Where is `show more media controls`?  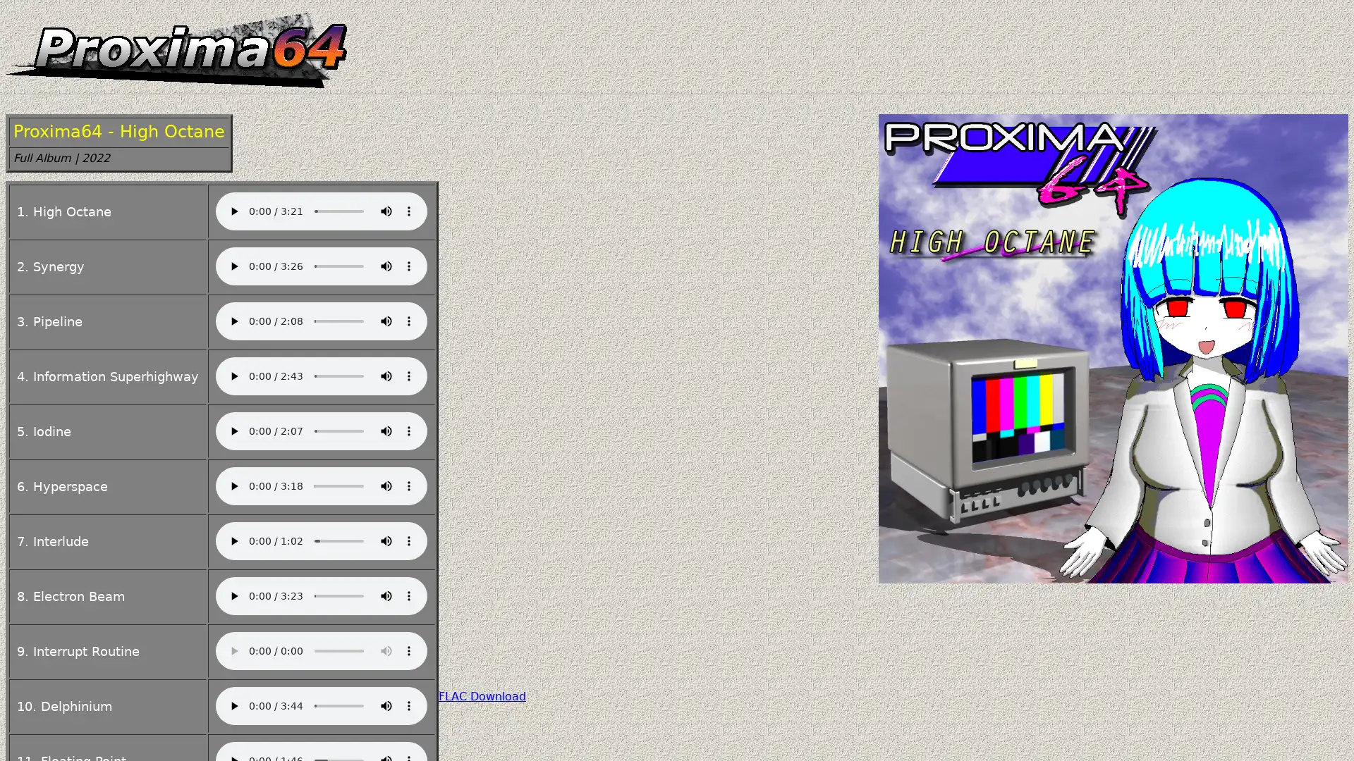 show more media controls is located at coordinates (408, 431).